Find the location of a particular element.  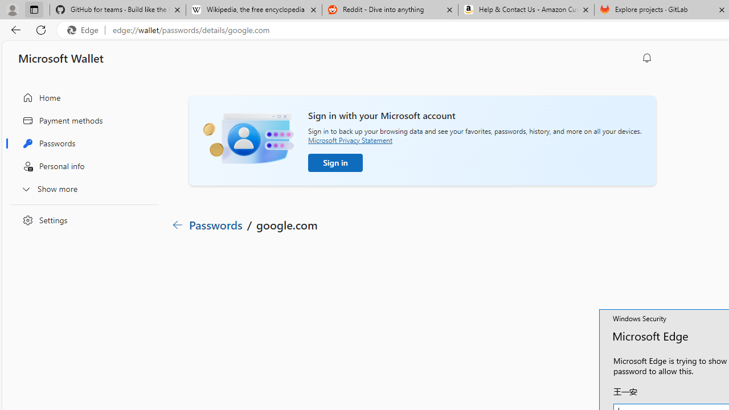

'Notification' is located at coordinates (647, 58).